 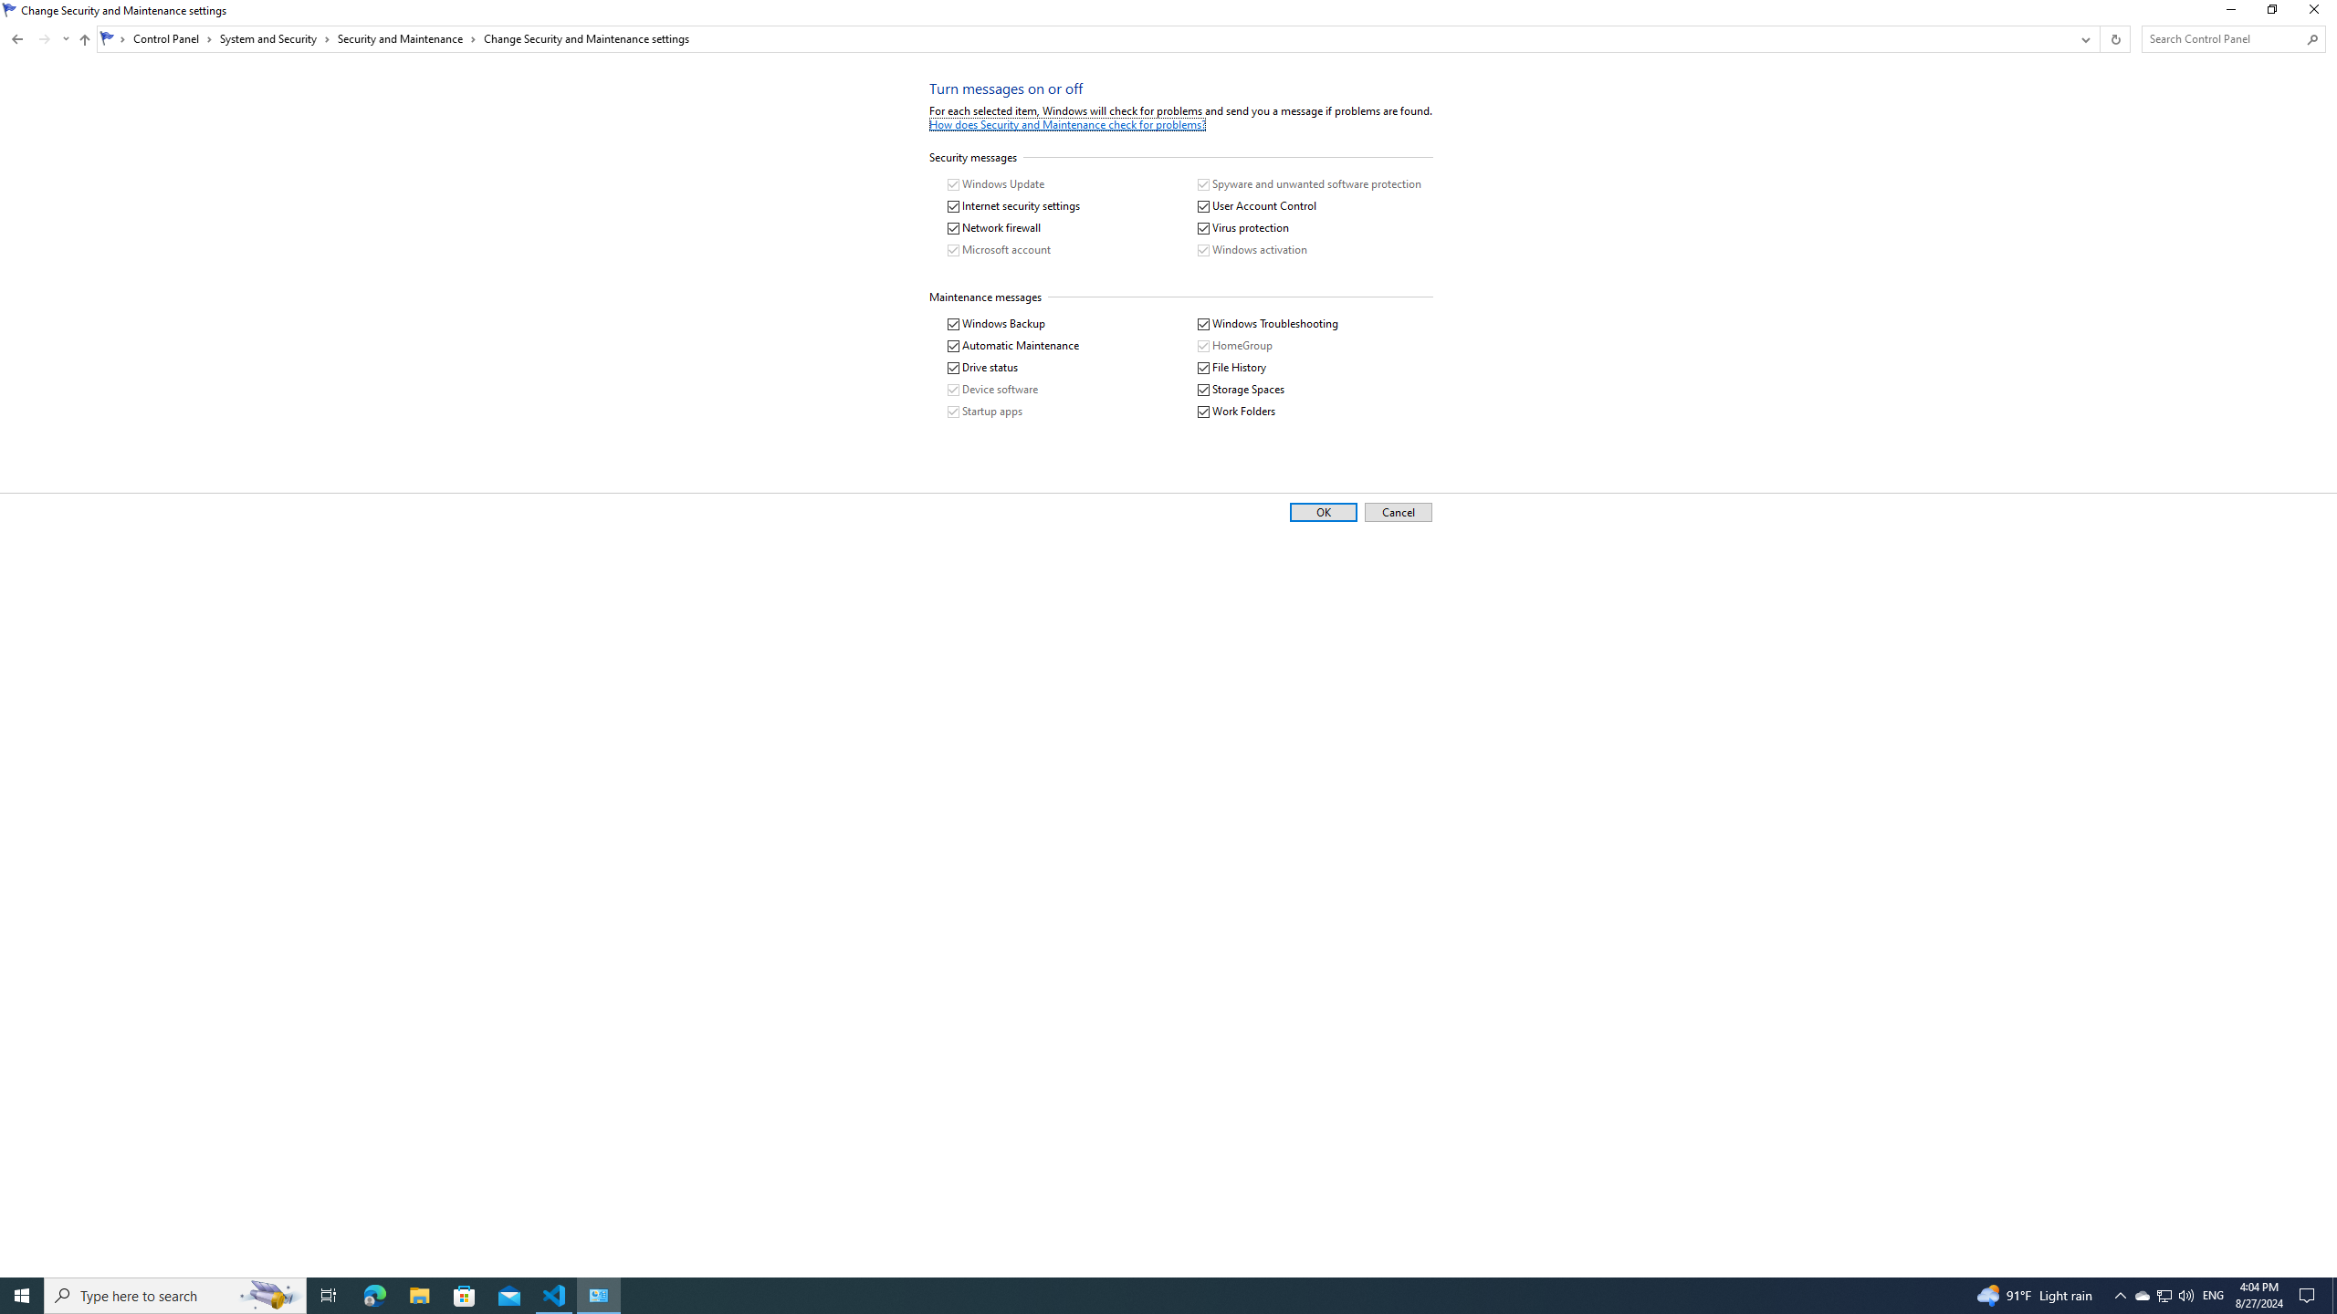 What do you see at coordinates (993, 389) in the screenshot?
I see `'Device software'` at bounding box center [993, 389].